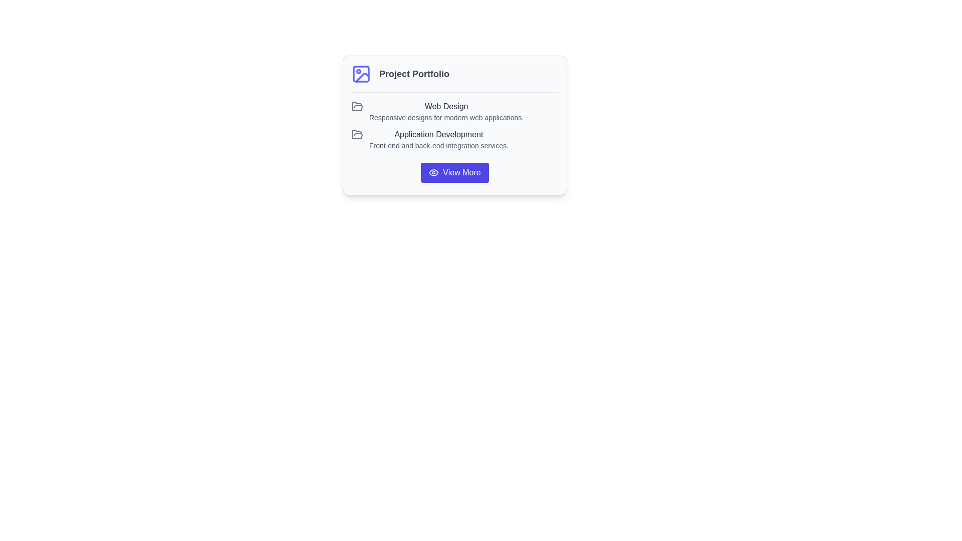 The width and height of the screenshot is (962, 541). I want to click on the SVG rectangle with rounded corners located in the top-left section of the photo icon, so click(361, 73).